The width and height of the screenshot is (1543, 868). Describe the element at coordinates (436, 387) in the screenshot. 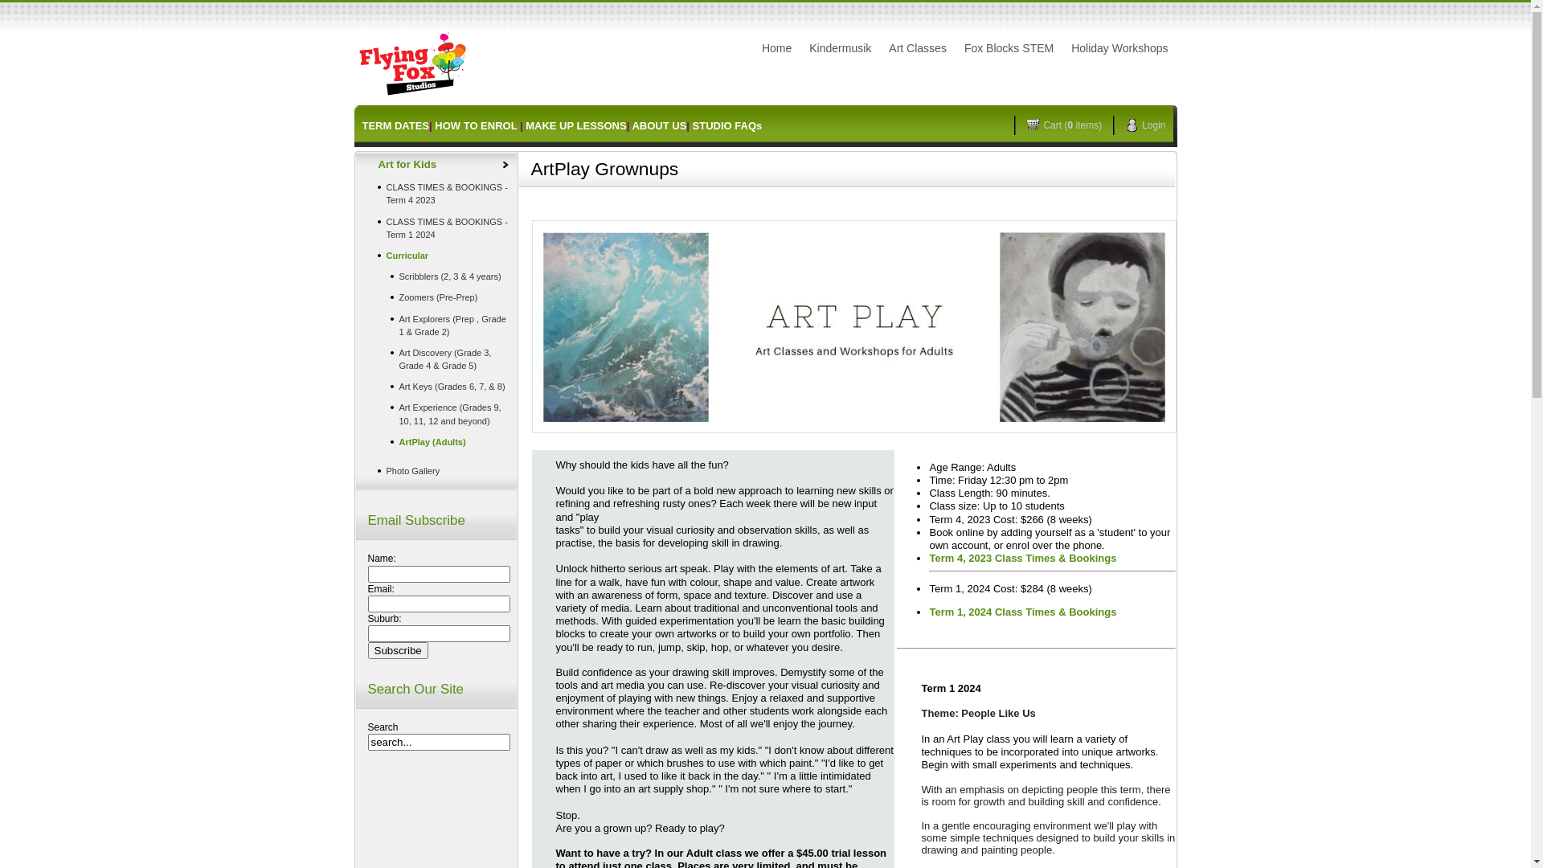

I see `'Art Keys (Grades 6, 7, & 8)'` at that location.